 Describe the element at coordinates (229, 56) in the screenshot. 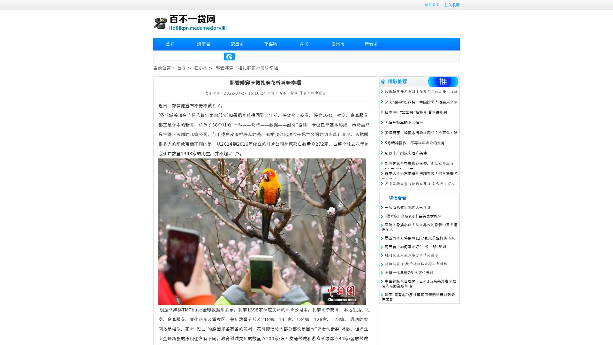

I see `Search` at that location.